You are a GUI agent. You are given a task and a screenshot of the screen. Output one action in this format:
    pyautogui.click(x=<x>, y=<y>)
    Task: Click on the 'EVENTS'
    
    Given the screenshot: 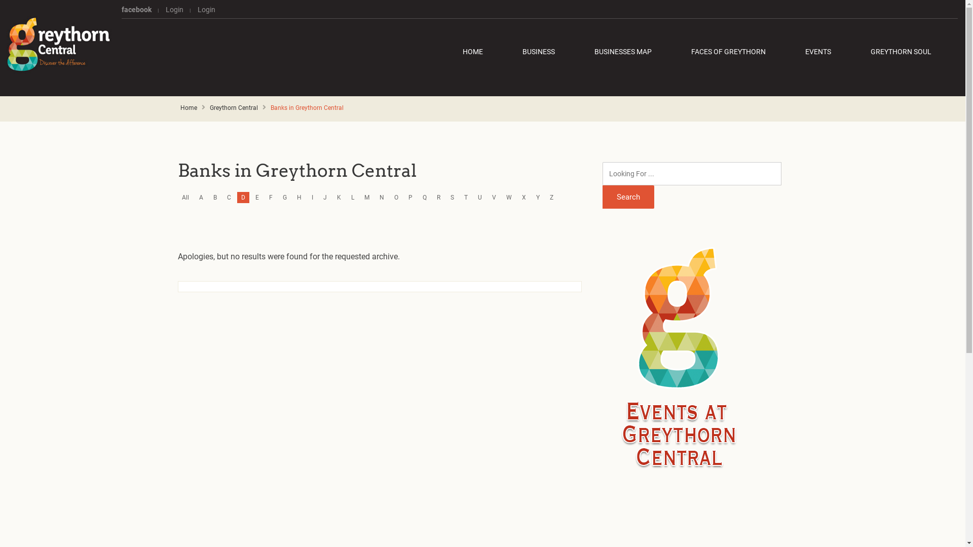 What is the action you would take?
    pyautogui.click(x=818, y=51)
    